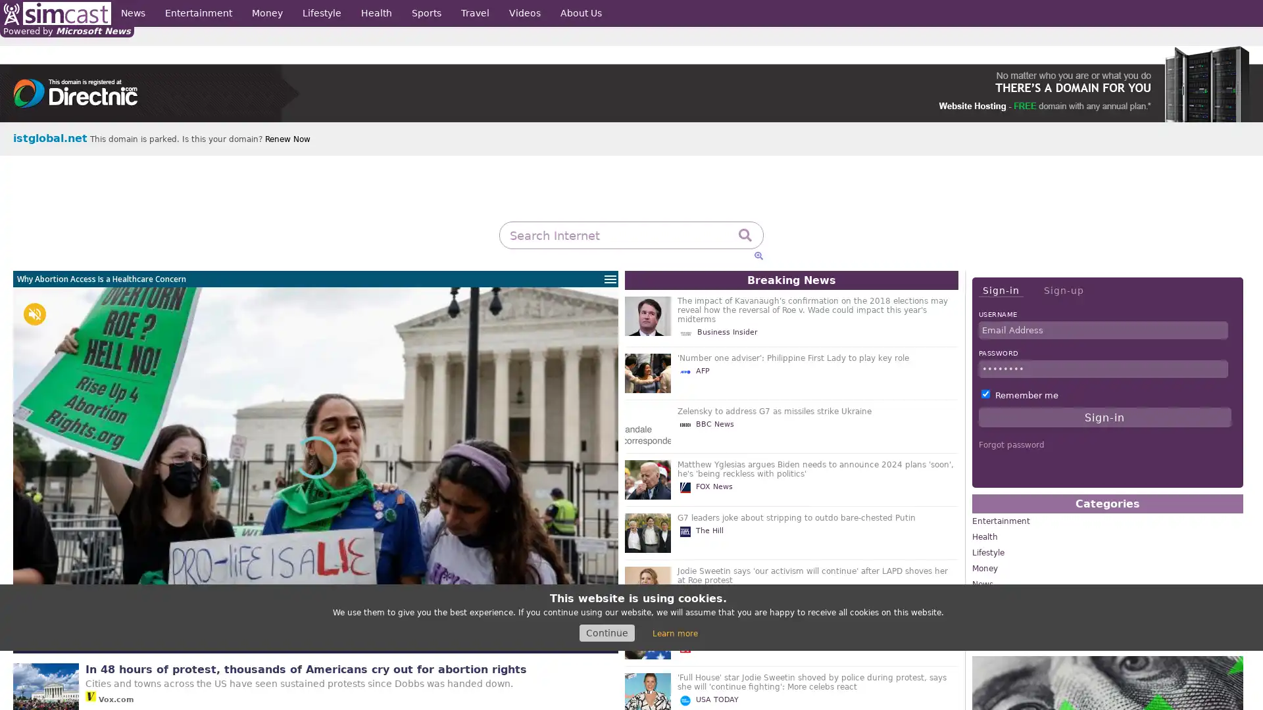  I want to click on Continue, so click(606, 632).